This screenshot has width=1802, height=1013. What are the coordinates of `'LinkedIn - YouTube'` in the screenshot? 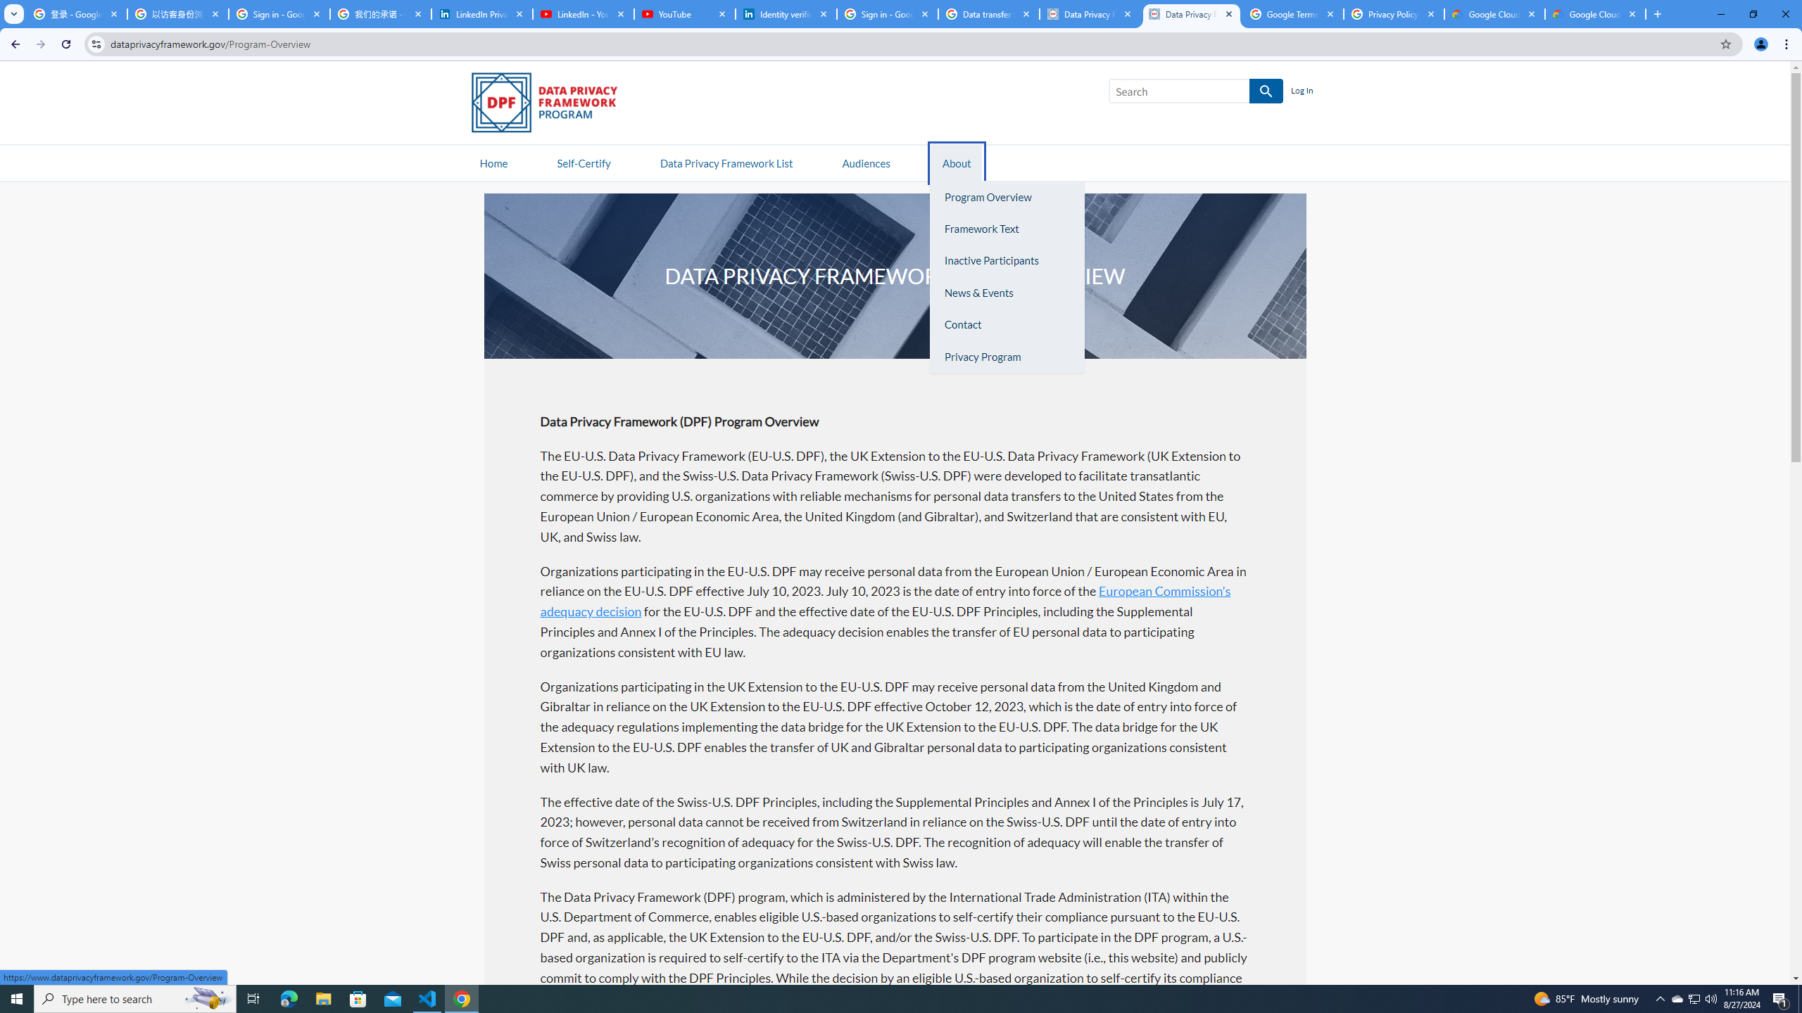 It's located at (582, 13).